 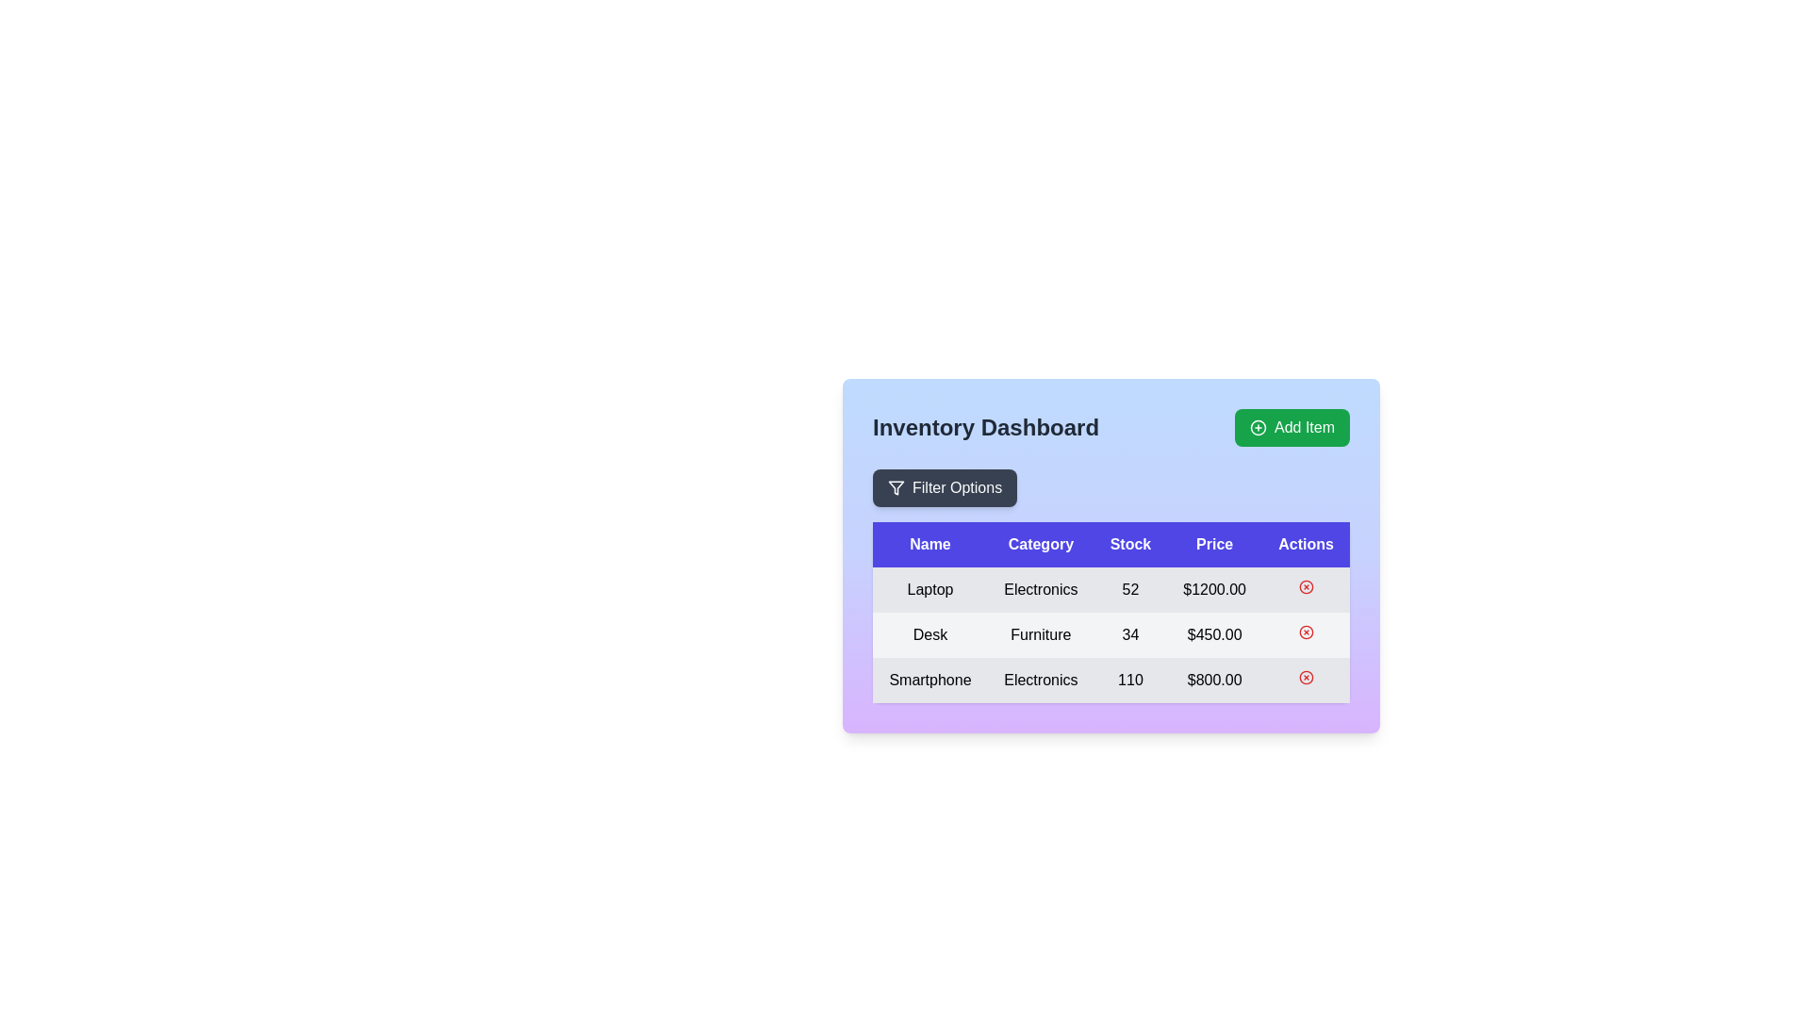 I want to click on the 'Inventory Dashboard' text label, which is styled with a bold and large font, dark gray color on a light blue background, positioned at the top left corner of the header section, so click(x=985, y=428).